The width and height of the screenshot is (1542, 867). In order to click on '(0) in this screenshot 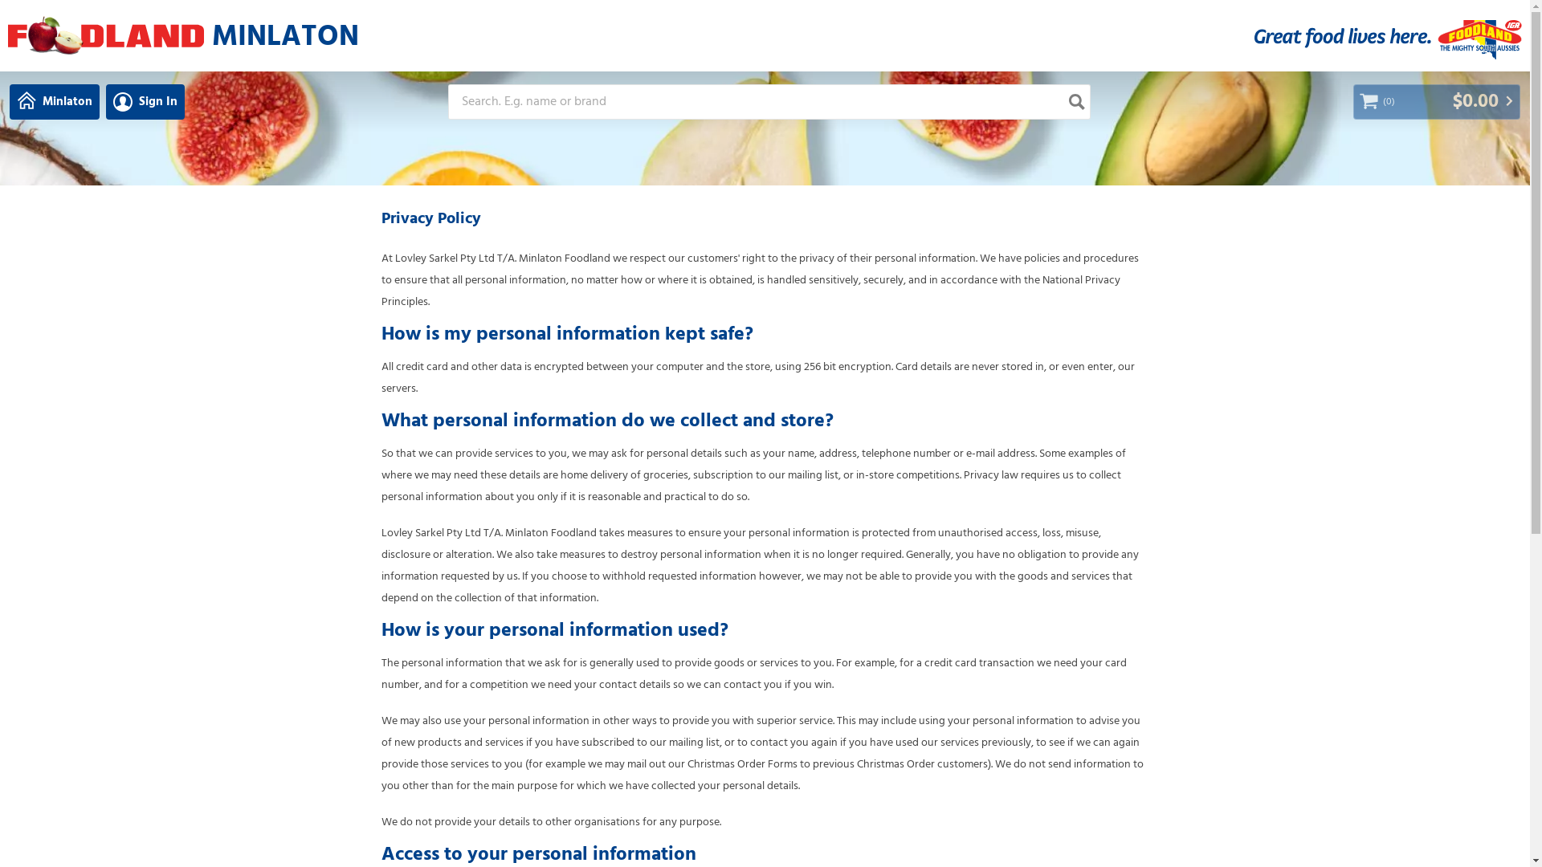, I will do `click(1437, 102)`.